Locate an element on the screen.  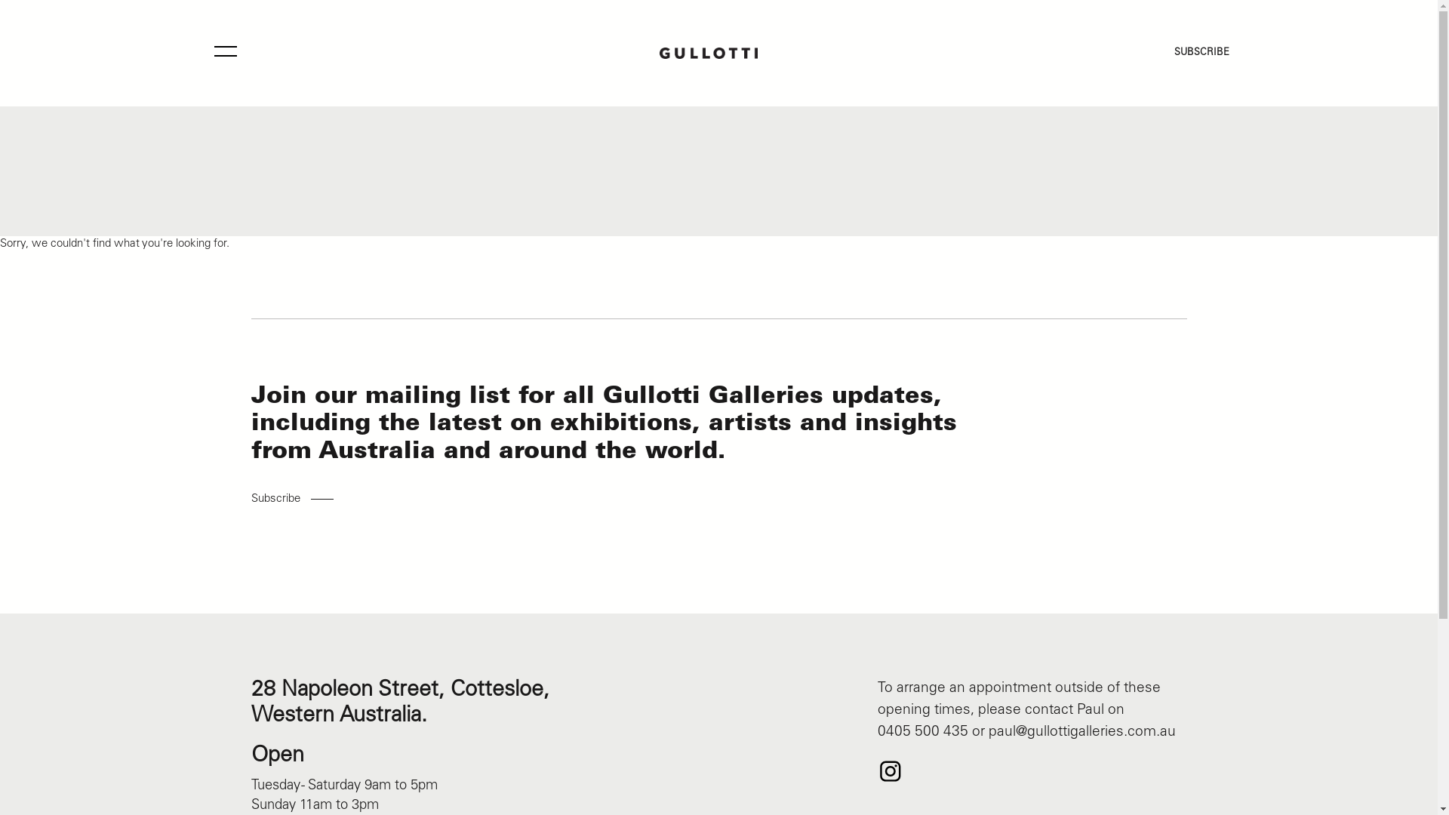
'SUBSCRIBE' is located at coordinates (1201, 52).